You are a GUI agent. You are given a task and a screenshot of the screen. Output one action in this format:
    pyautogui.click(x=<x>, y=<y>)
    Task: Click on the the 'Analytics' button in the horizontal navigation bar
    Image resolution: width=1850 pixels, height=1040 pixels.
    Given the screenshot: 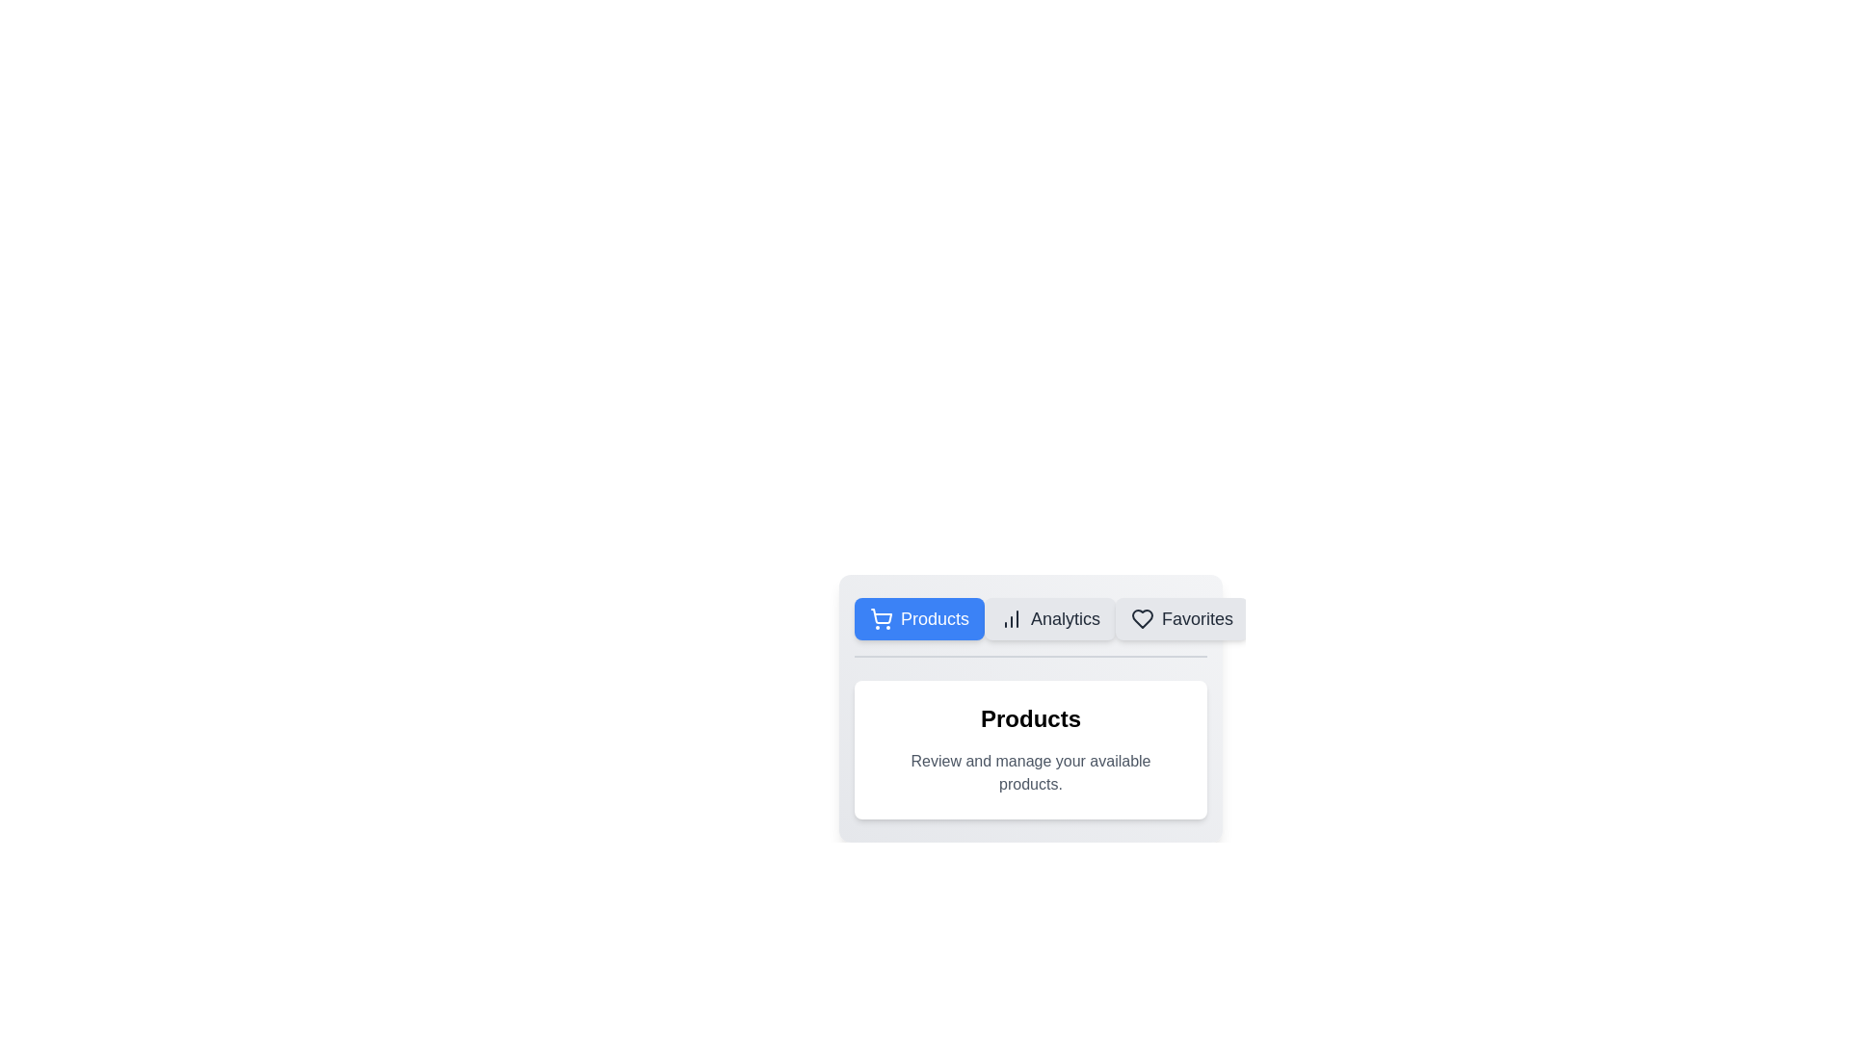 What is the action you would take?
    pyautogui.click(x=1030, y=627)
    